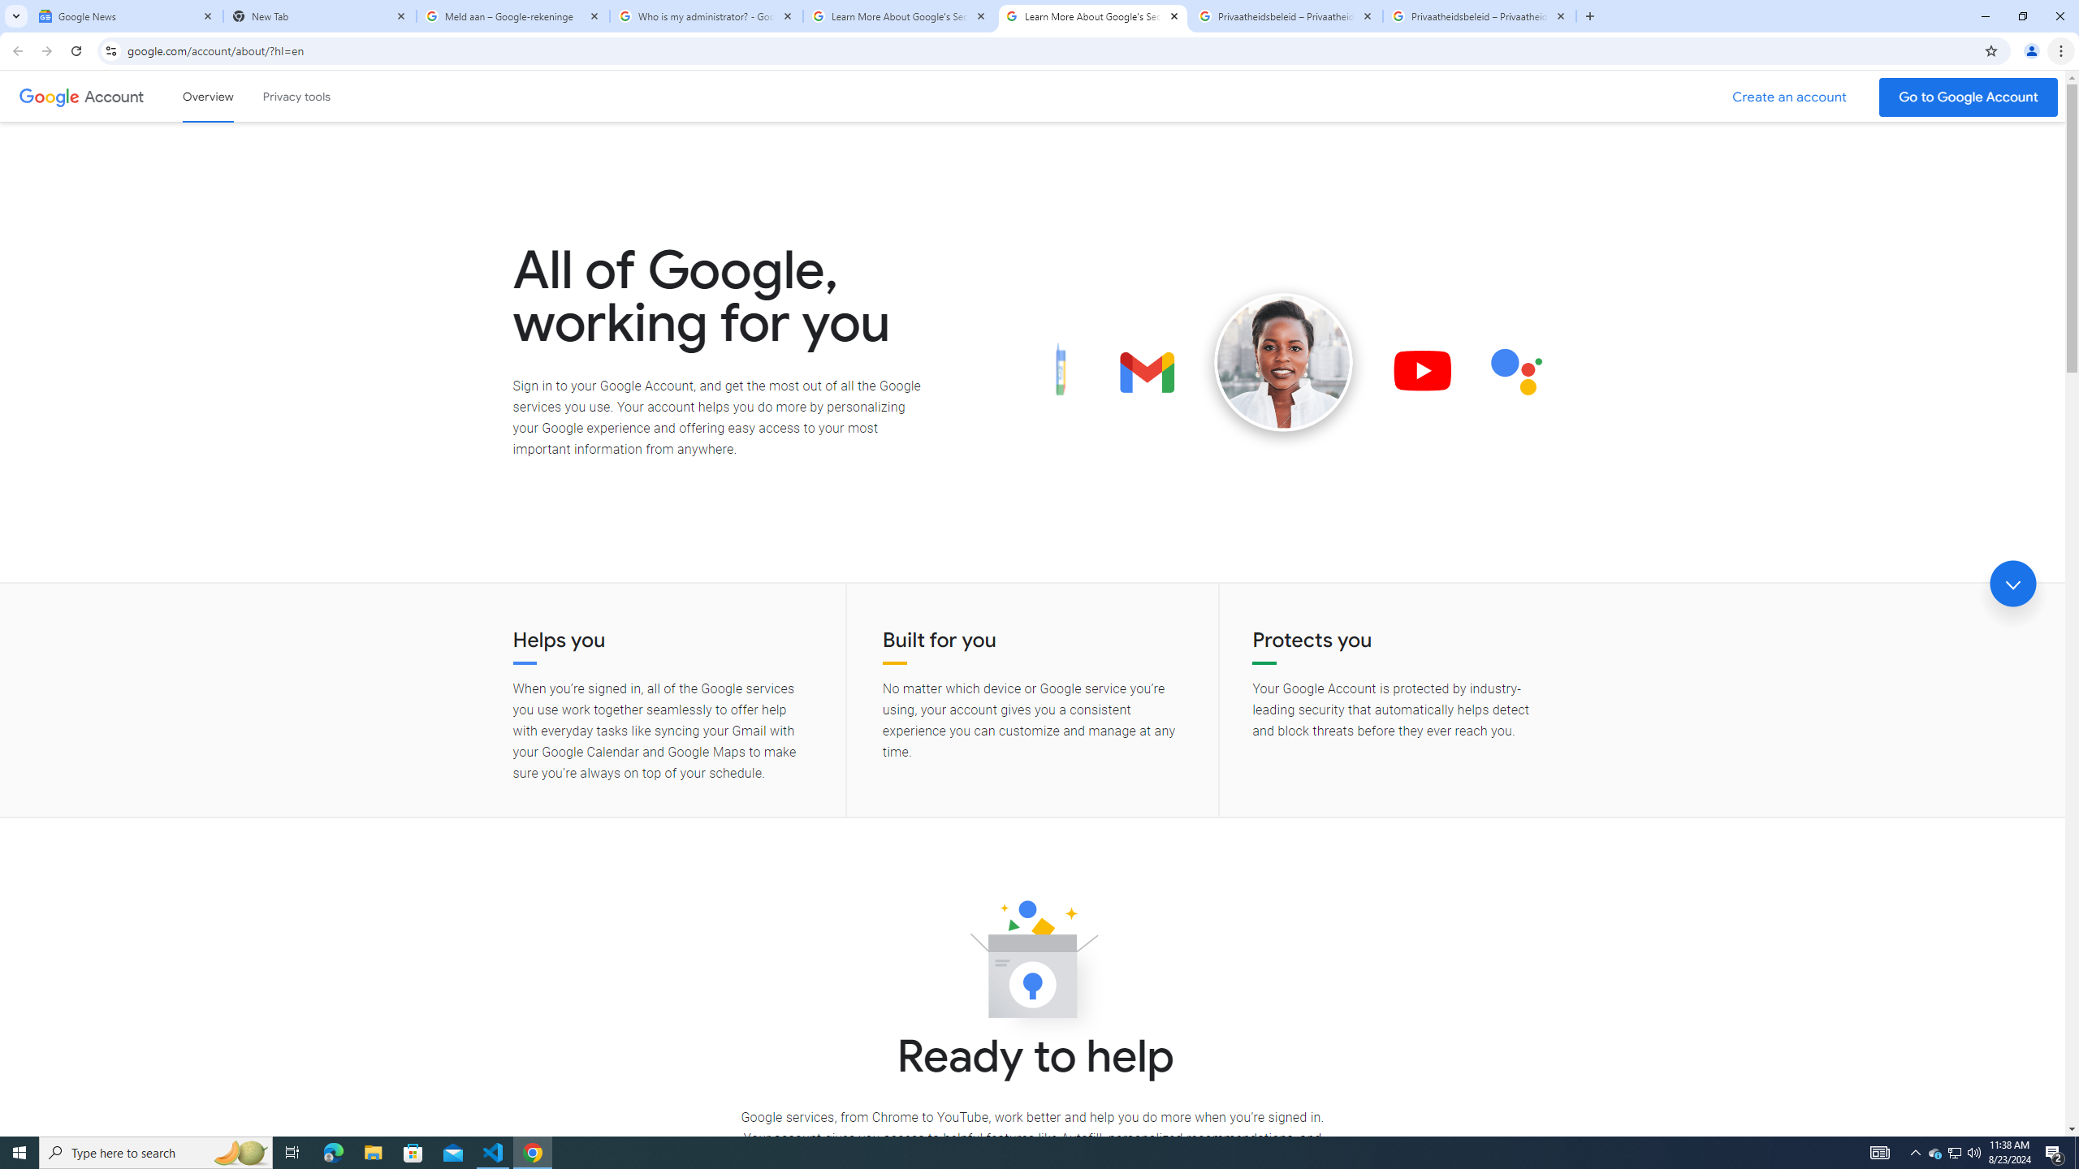 The image size is (2079, 1169). What do you see at coordinates (2012, 584) in the screenshot?
I see `'Jump link'` at bounding box center [2012, 584].